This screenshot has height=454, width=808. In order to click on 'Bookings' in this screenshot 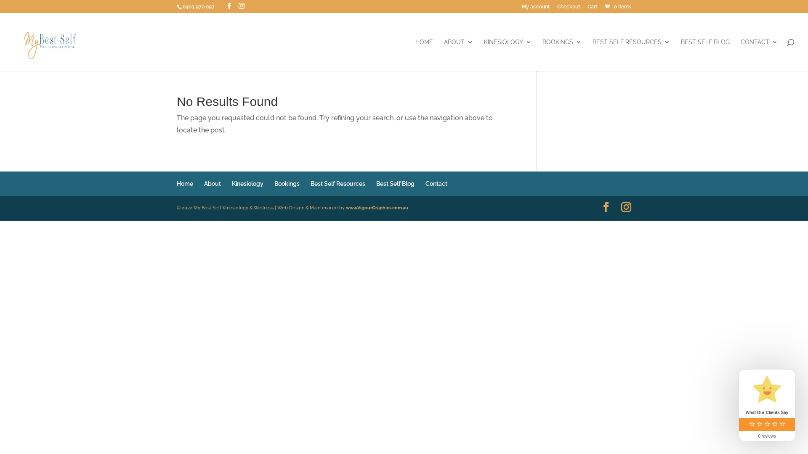, I will do `click(287, 183)`.